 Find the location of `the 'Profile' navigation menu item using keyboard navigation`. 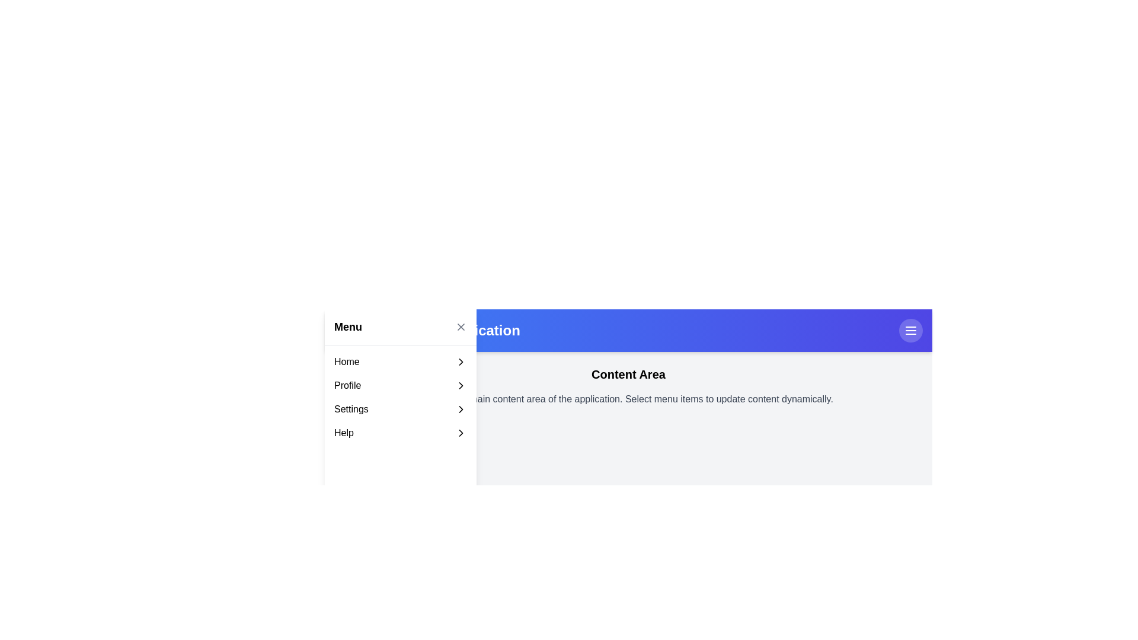

the 'Profile' navigation menu item using keyboard navigation is located at coordinates (401, 386).